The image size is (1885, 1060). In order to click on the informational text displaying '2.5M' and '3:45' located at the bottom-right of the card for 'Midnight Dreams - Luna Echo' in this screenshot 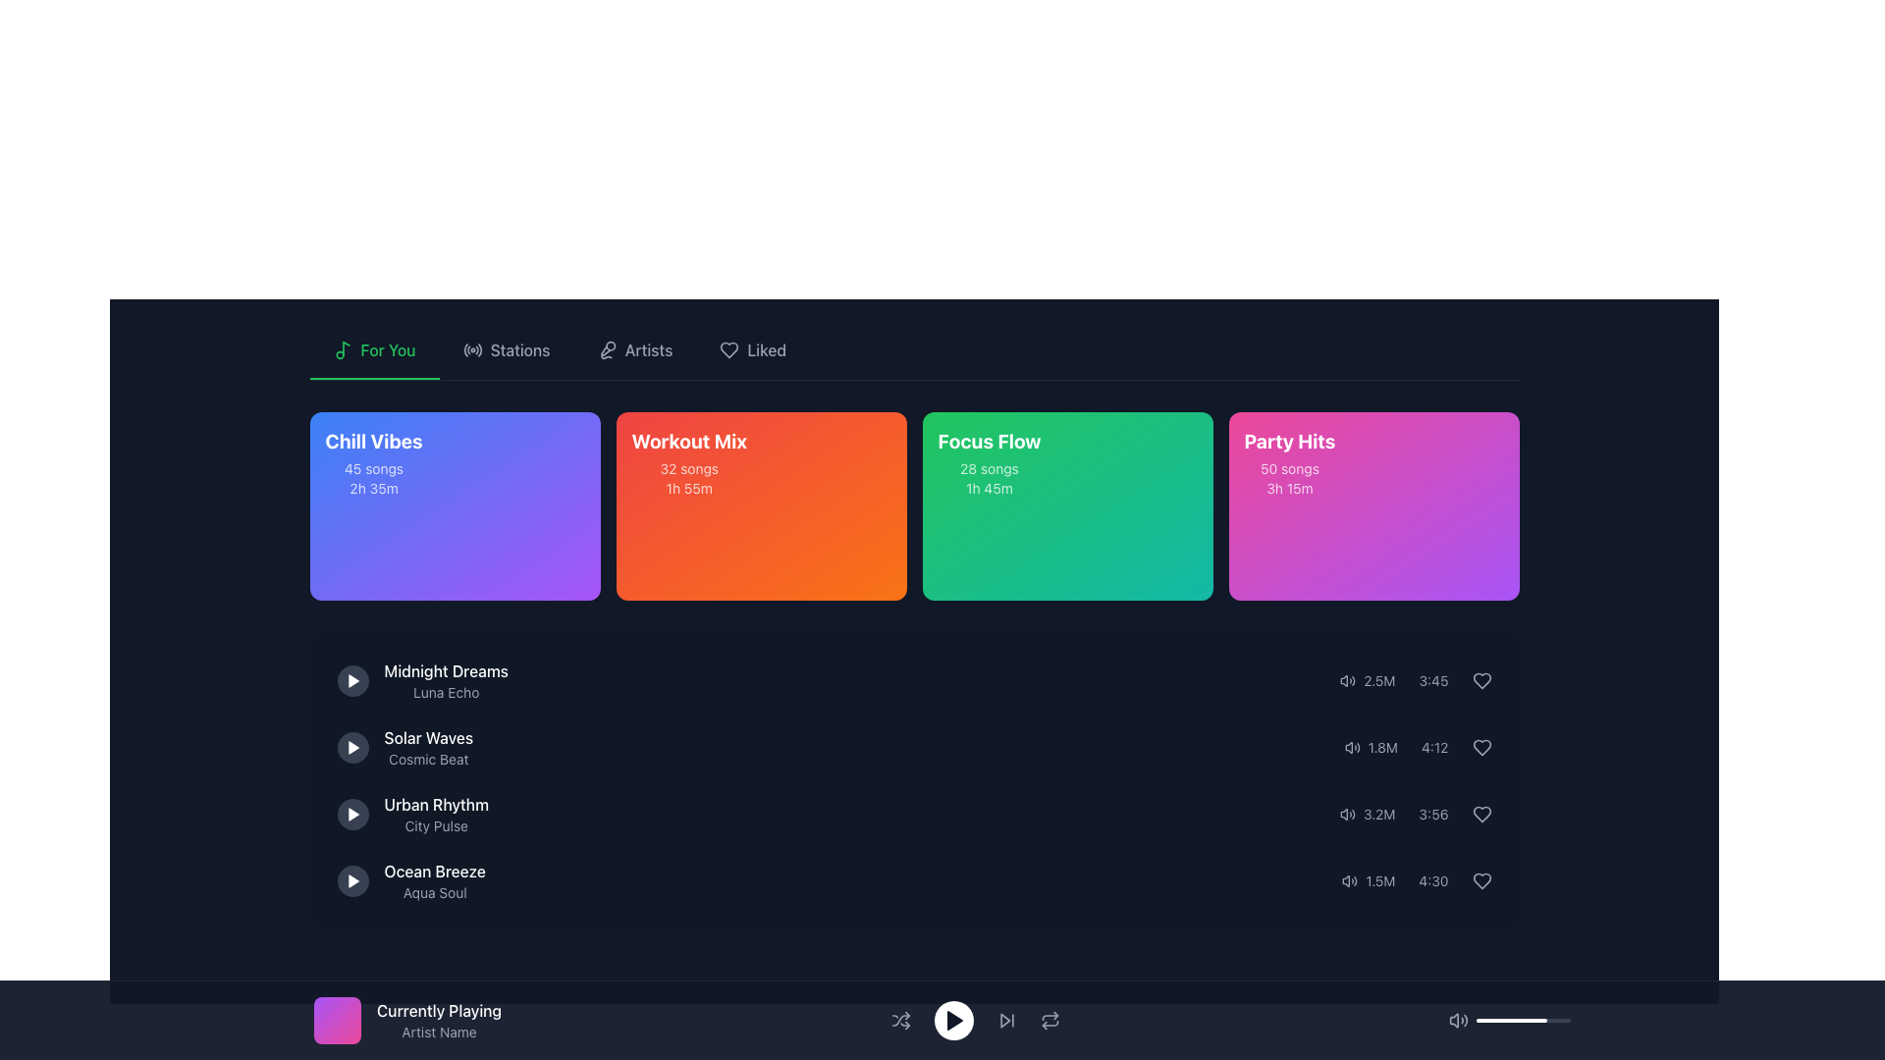, I will do `click(1416, 680)`.